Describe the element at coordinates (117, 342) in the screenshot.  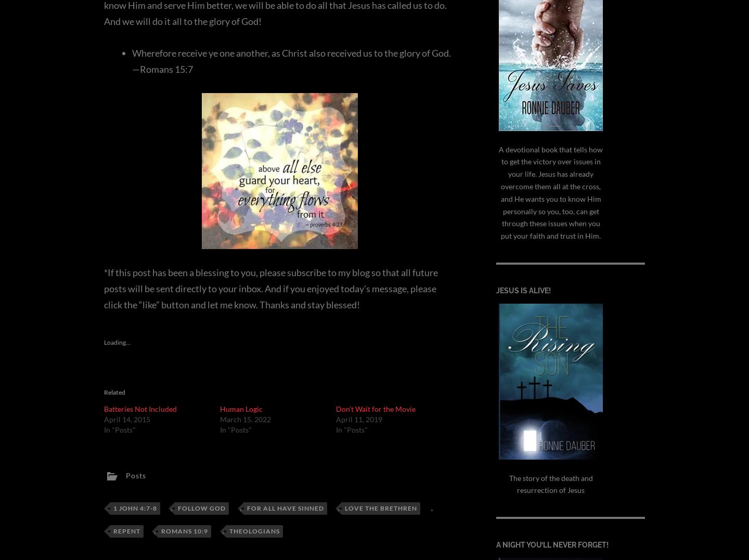
I see `'Loading...'` at that location.